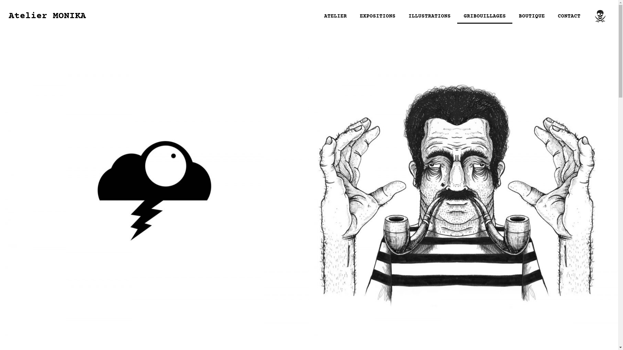 The width and height of the screenshot is (623, 350). I want to click on 'Atelier MONIKA', so click(9, 16).